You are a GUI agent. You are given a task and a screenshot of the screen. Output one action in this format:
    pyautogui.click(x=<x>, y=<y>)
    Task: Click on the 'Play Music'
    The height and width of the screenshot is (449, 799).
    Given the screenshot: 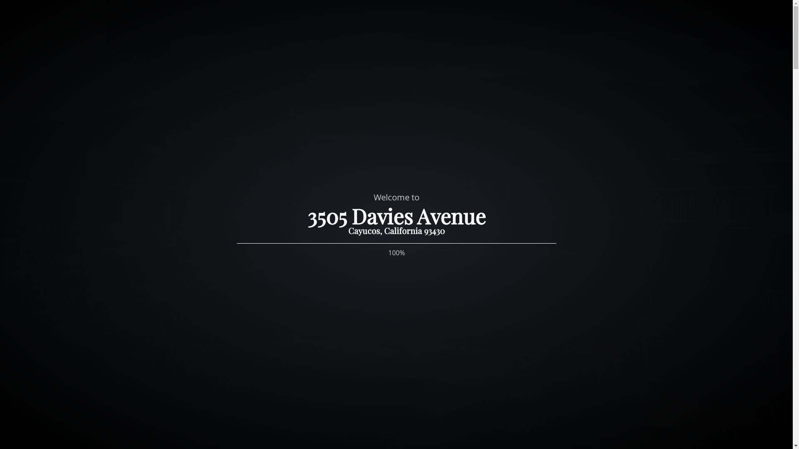 What is the action you would take?
    pyautogui.click(x=780, y=11)
    